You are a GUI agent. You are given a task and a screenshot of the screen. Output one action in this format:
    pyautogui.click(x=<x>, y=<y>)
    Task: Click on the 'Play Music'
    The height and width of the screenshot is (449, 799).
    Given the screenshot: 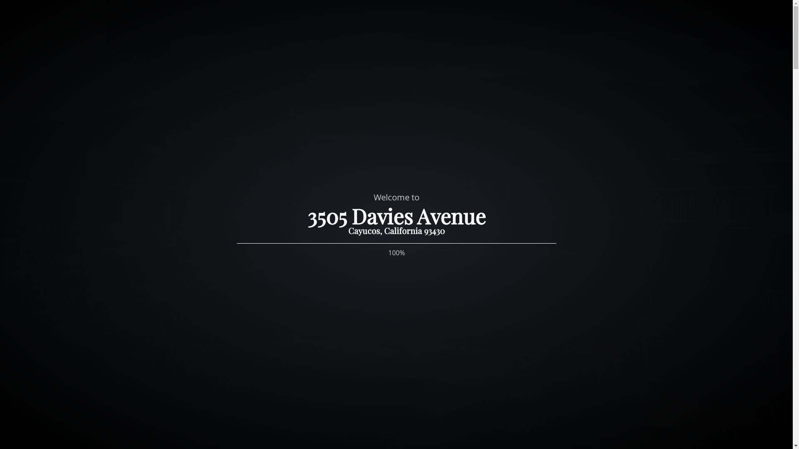 What is the action you would take?
    pyautogui.click(x=780, y=11)
    